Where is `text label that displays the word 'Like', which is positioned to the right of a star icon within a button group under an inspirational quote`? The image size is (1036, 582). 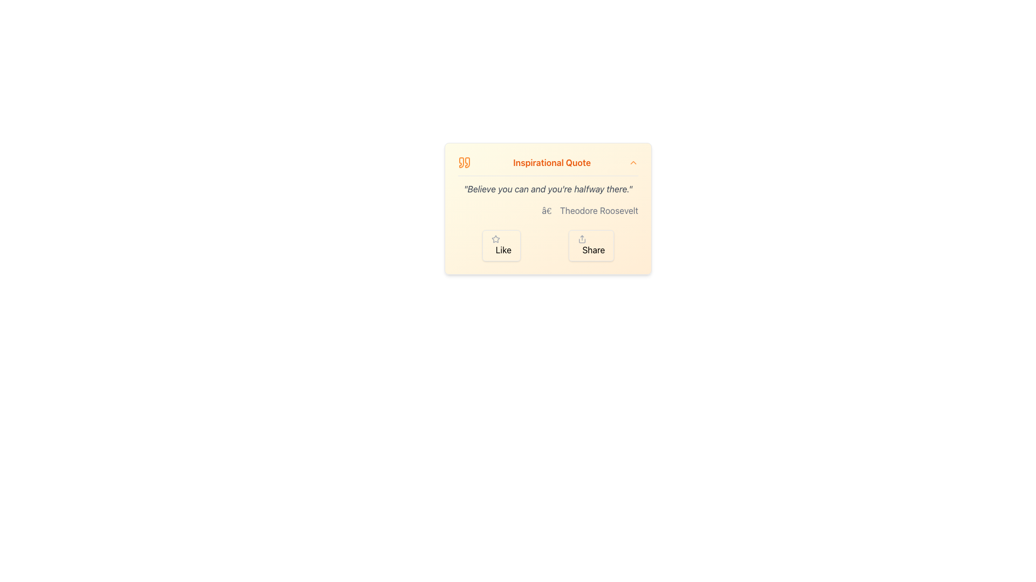
text label that displays the word 'Like', which is positioned to the right of a star icon within a button group under an inspirational quote is located at coordinates (503, 250).